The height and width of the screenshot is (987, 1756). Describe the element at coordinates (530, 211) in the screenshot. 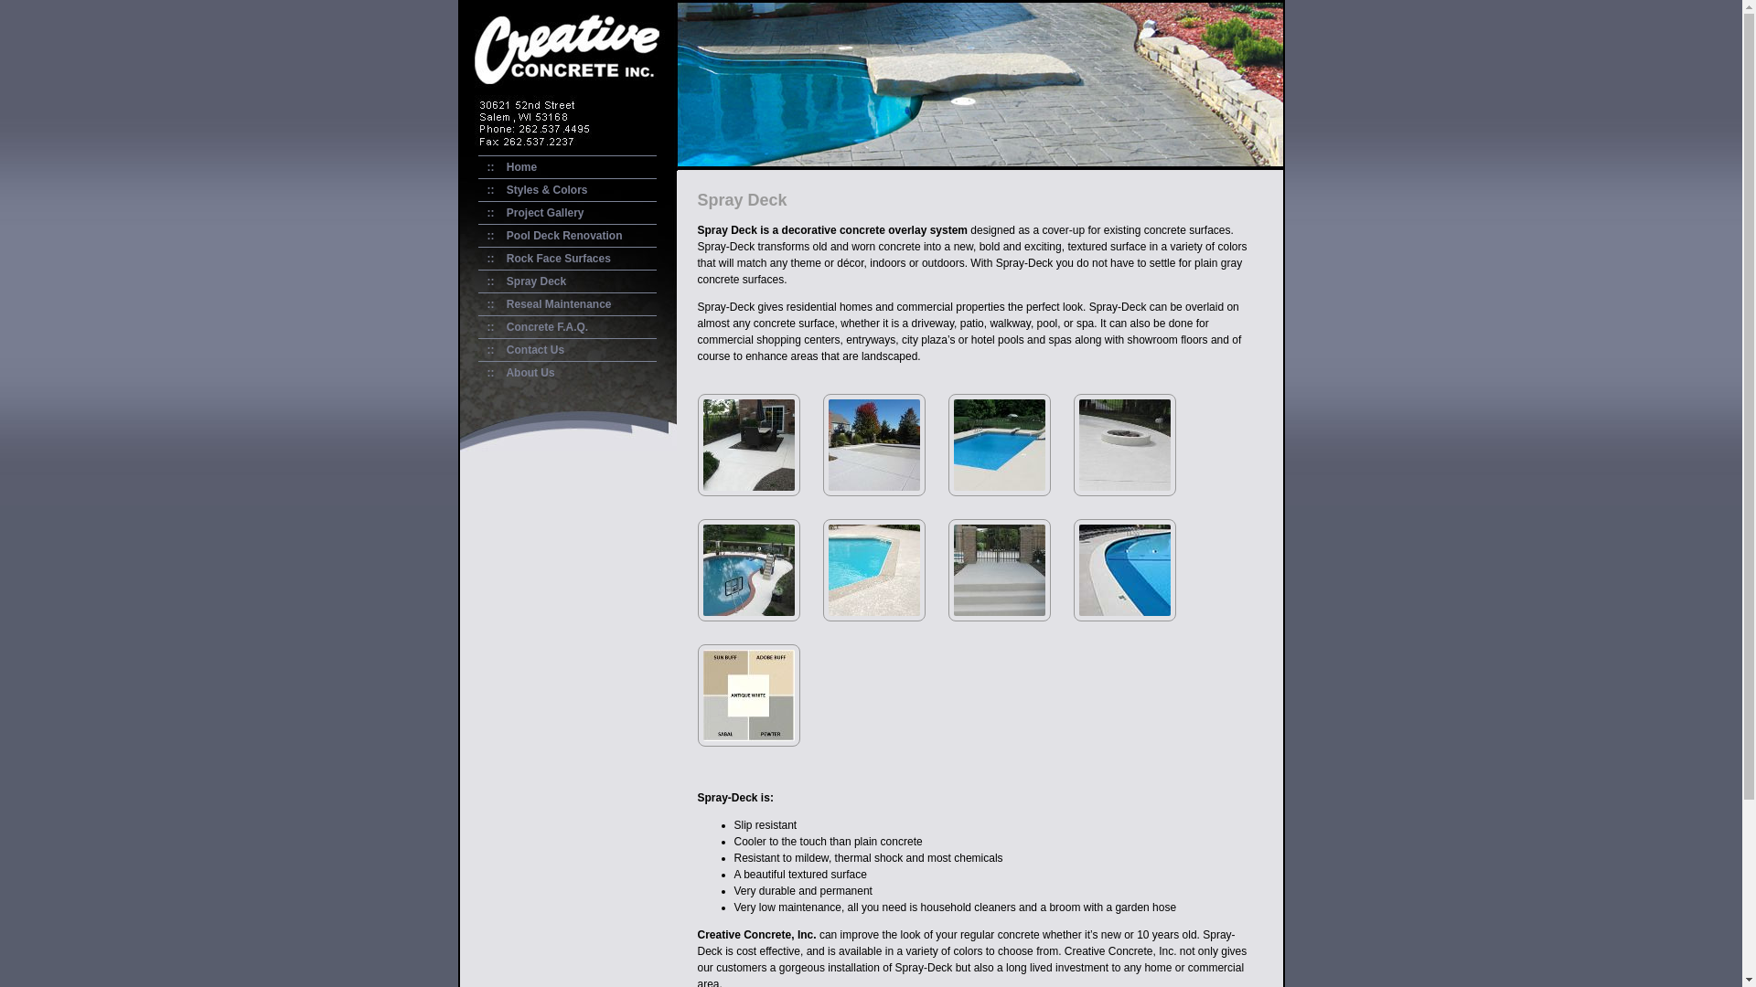

I see `'::    Project Gallery'` at that location.